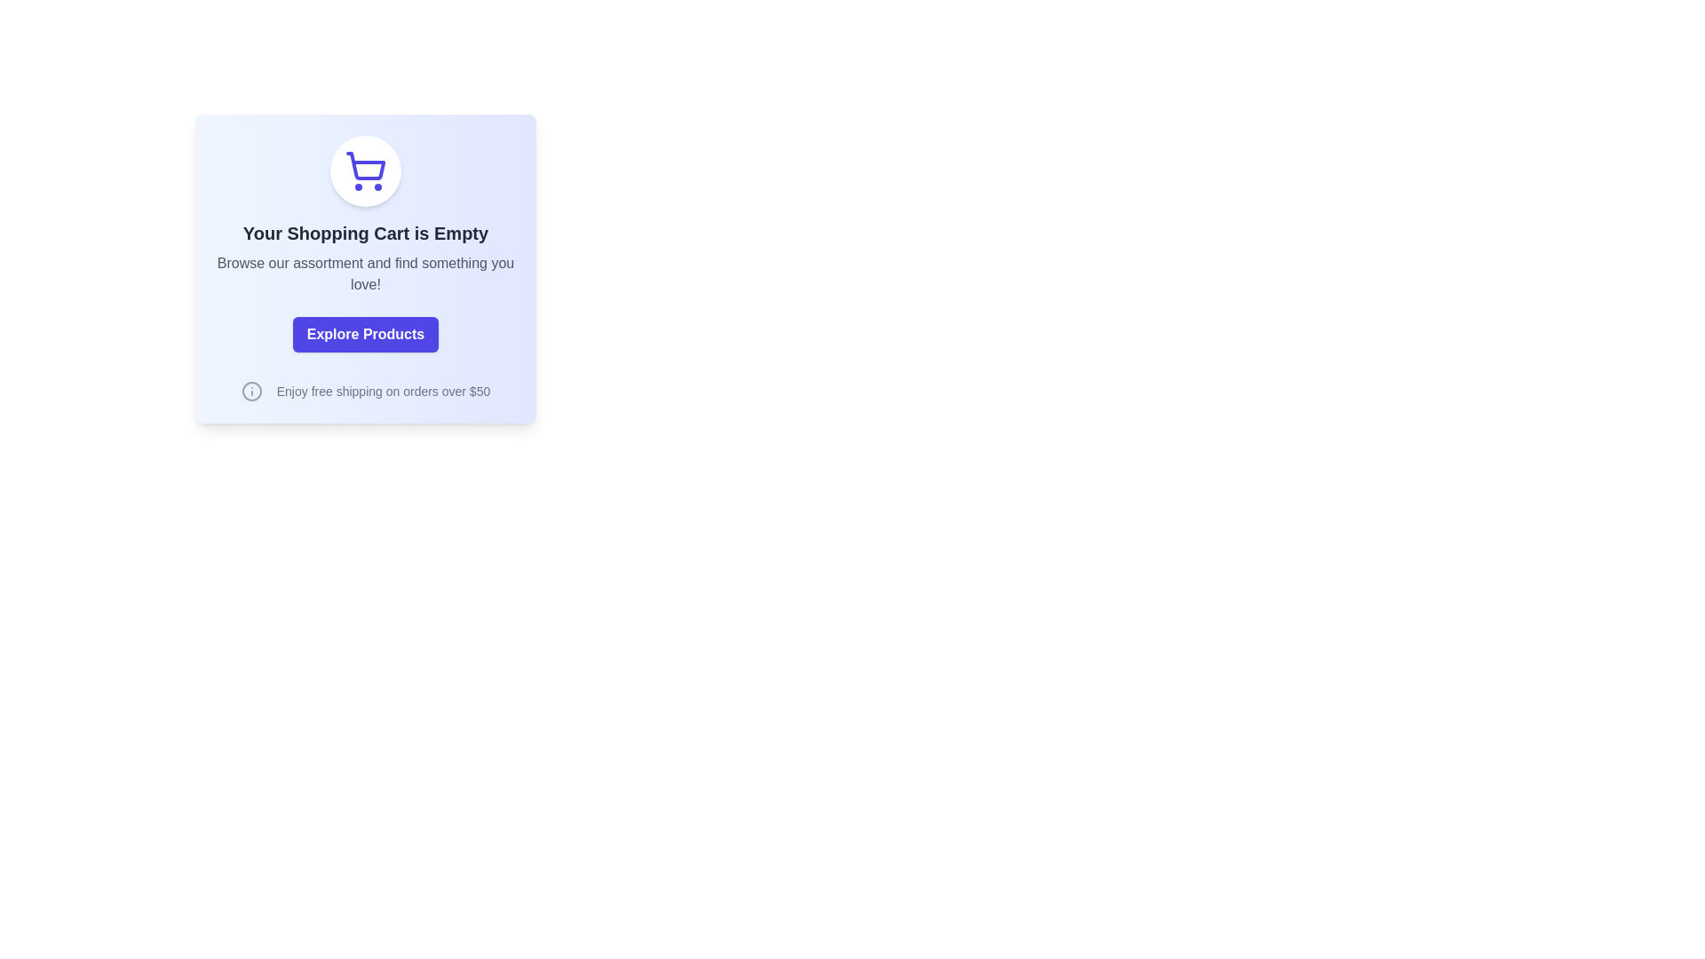 Image resolution: width=1705 pixels, height=959 pixels. Describe the element at coordinates (365, 273) in the screenshot. I see `the second text element in the card layout that provides an encouraging message about exploring the product selection, located below the header 'Your Shopping Cart is Empty' and above the 'Explore Products' button` at that location.